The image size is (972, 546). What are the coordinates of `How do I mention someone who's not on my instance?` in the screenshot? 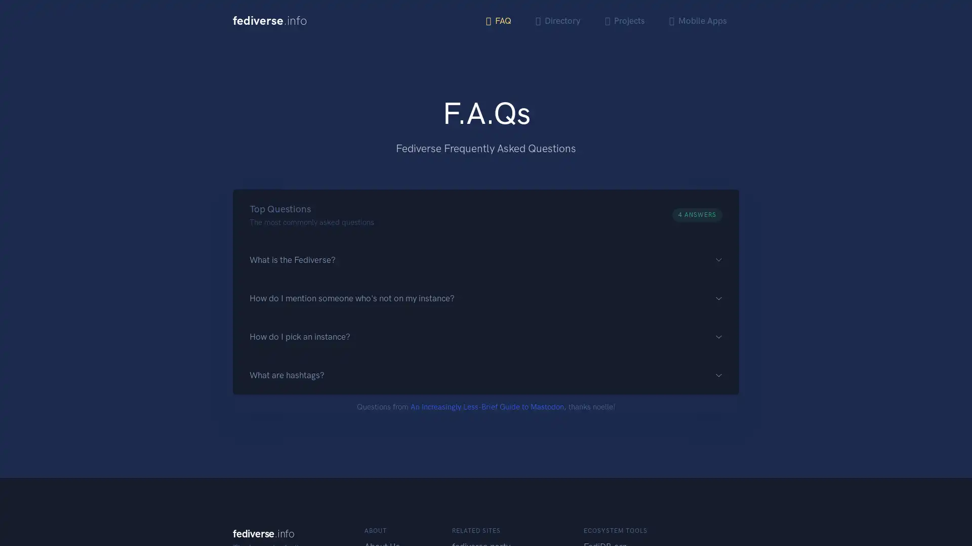 It's located at (486, 297).